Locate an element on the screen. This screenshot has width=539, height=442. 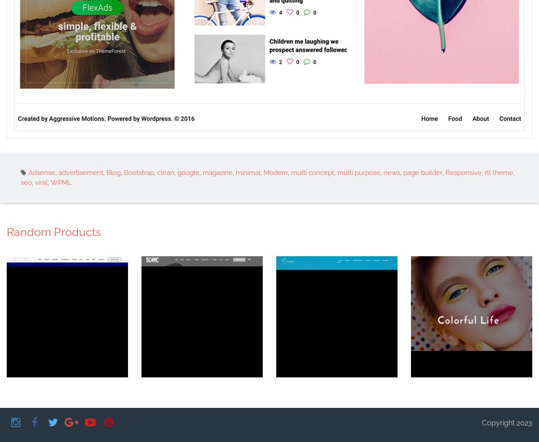
'WPML' is located at coordinates (61, 182).